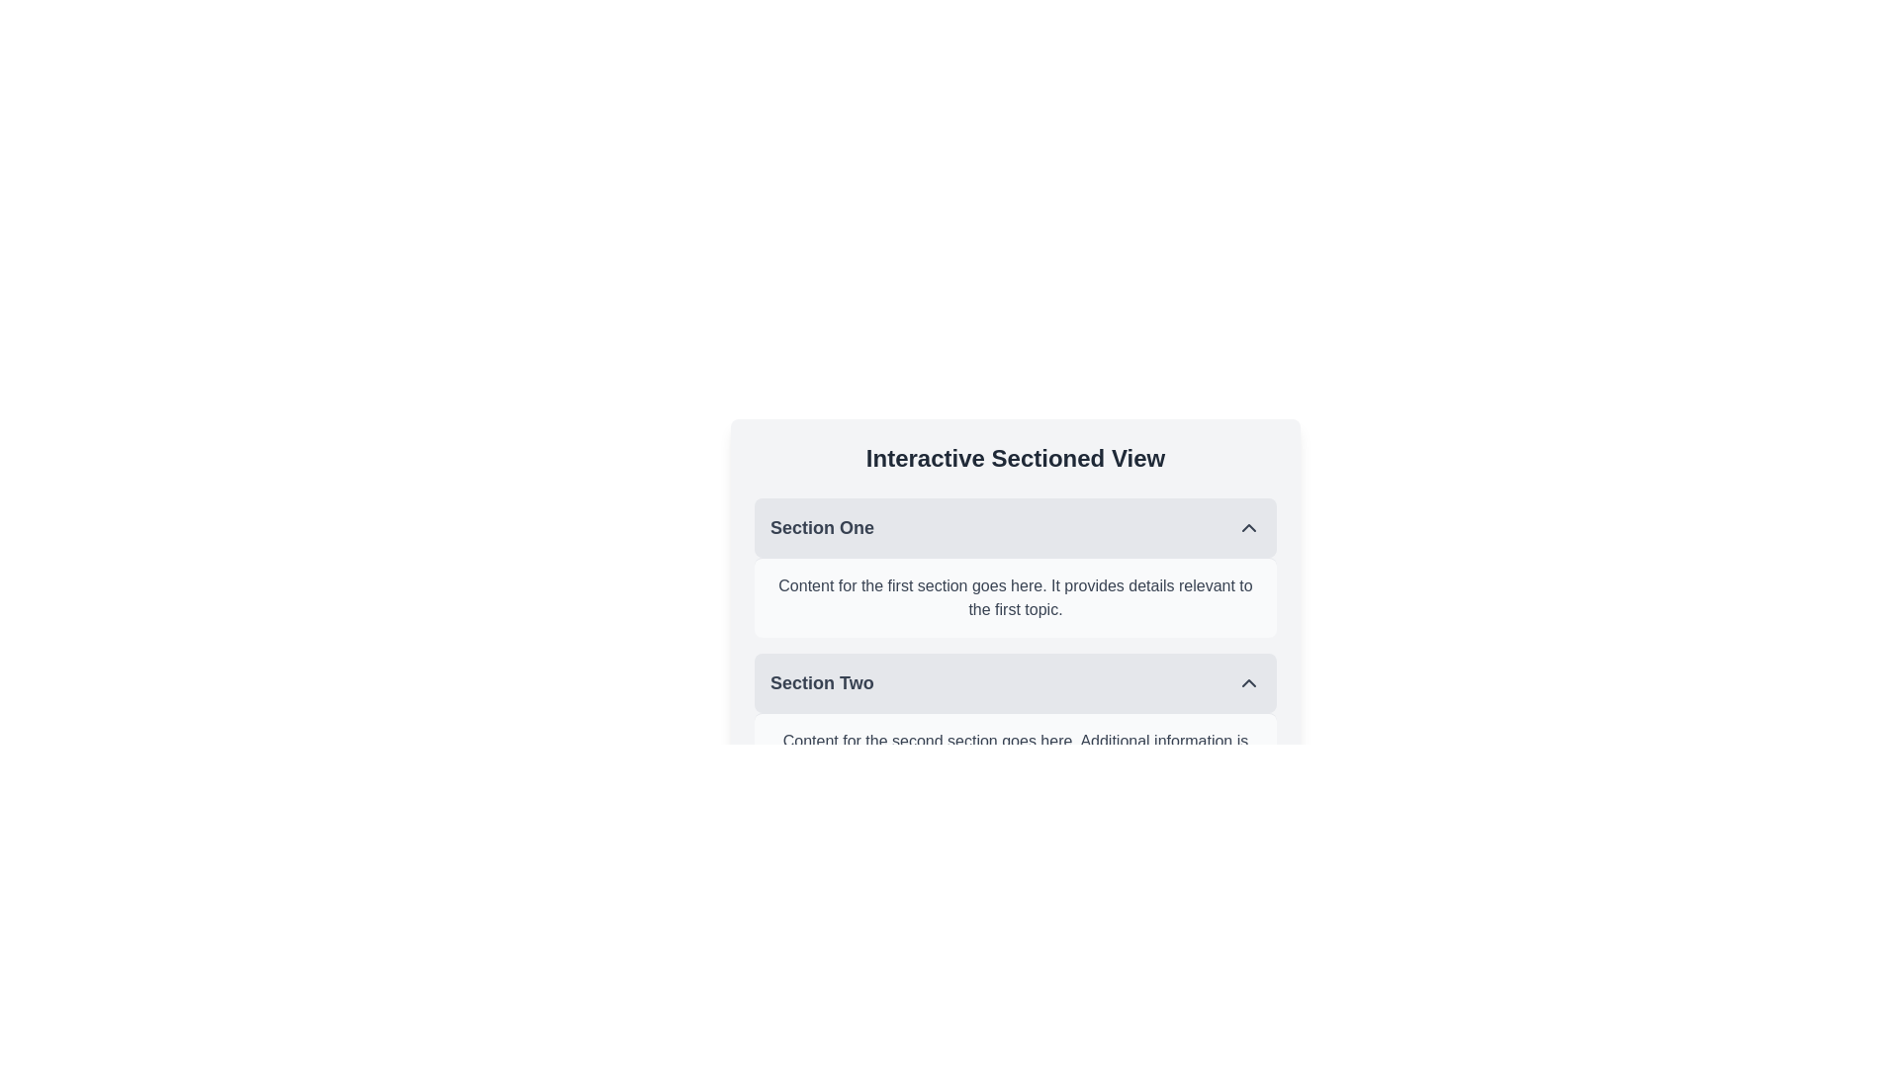 Image resolution: width=1899 pixels, height=1068 pixels. What do you see at coordinates (1016, 568) in the screenshot?
I see `the first Accordion Section located below the title 'Interactive Sectioned View'` at bounding box center [1016, 568].